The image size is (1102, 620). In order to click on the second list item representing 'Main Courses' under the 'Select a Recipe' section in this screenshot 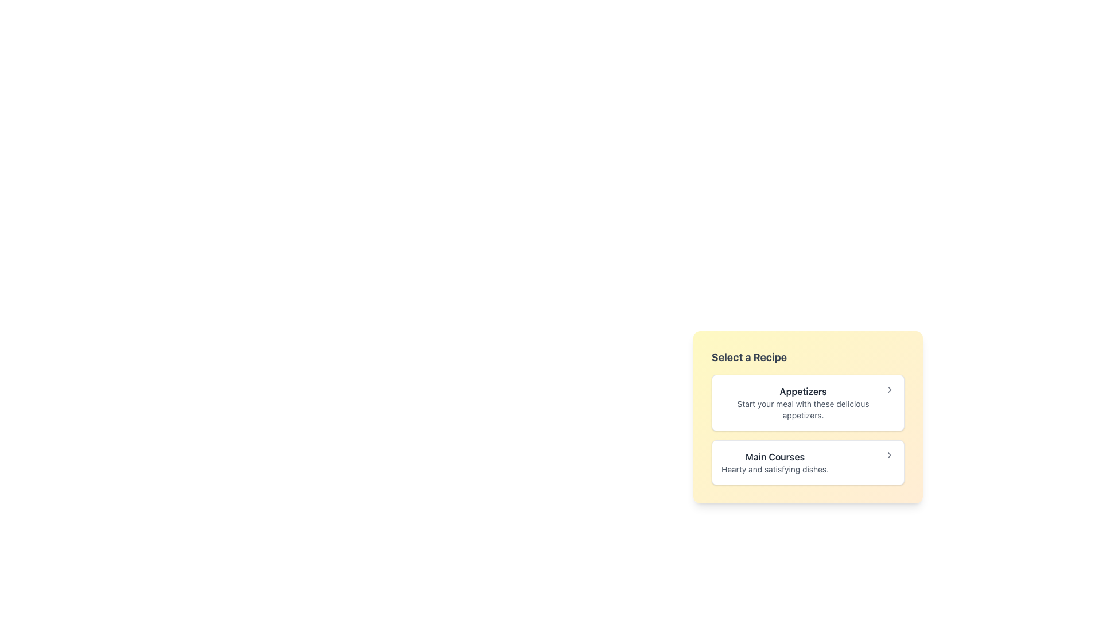, I will do `click(807, 462)`.